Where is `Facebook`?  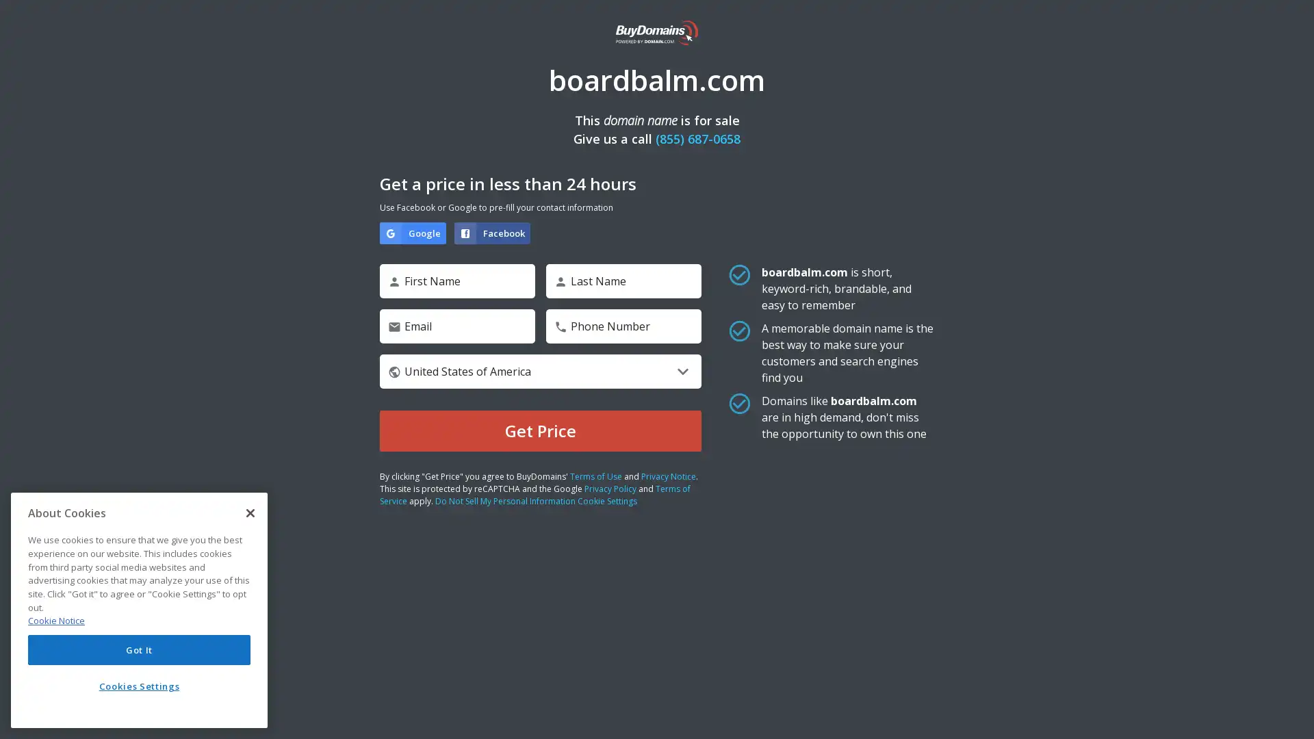
Facebook is located at coordinates (492, 232).